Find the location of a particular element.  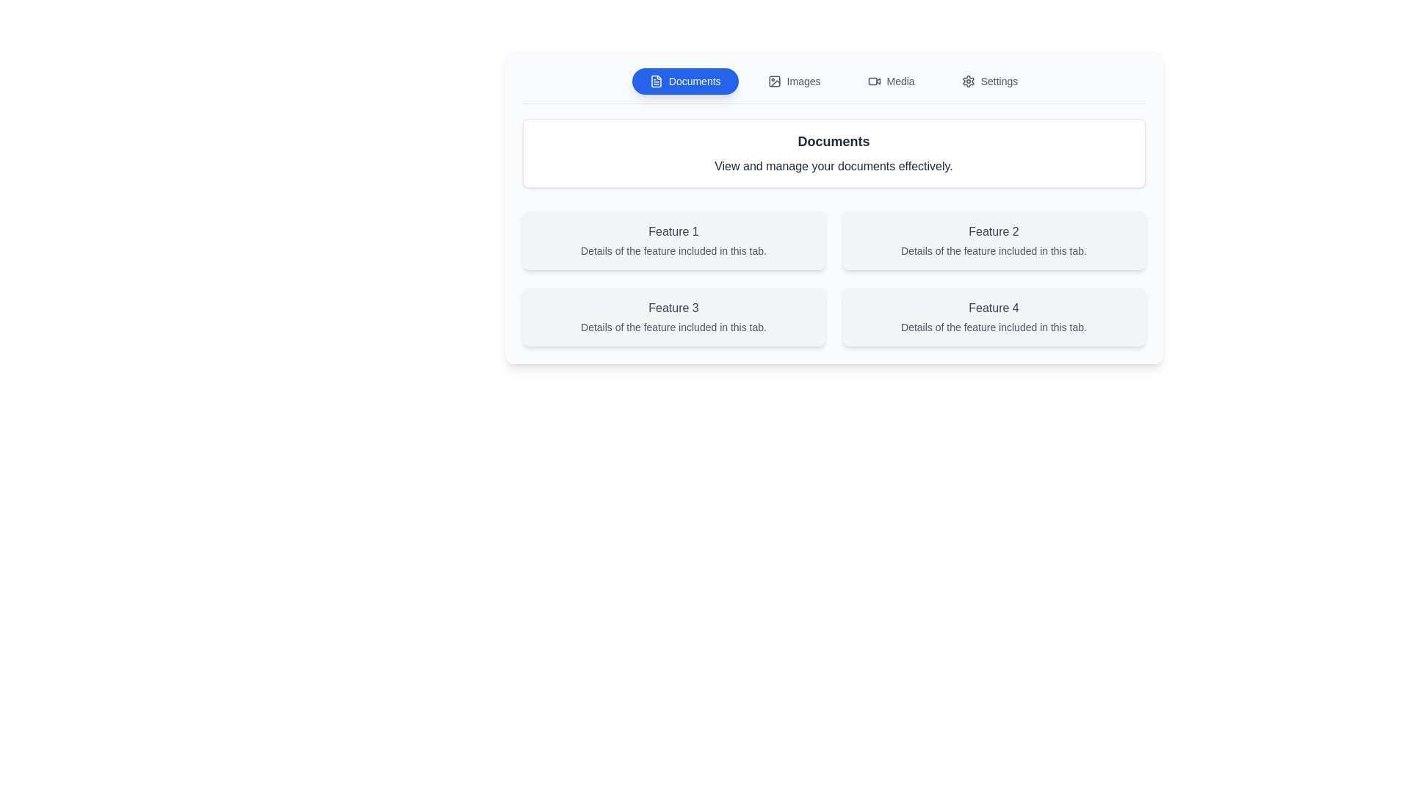

the document icon located within the 'Documents' button, which is styled as a small SVG icon with a rounded outline and text lines on the right side is located at coordinates (655, 82).